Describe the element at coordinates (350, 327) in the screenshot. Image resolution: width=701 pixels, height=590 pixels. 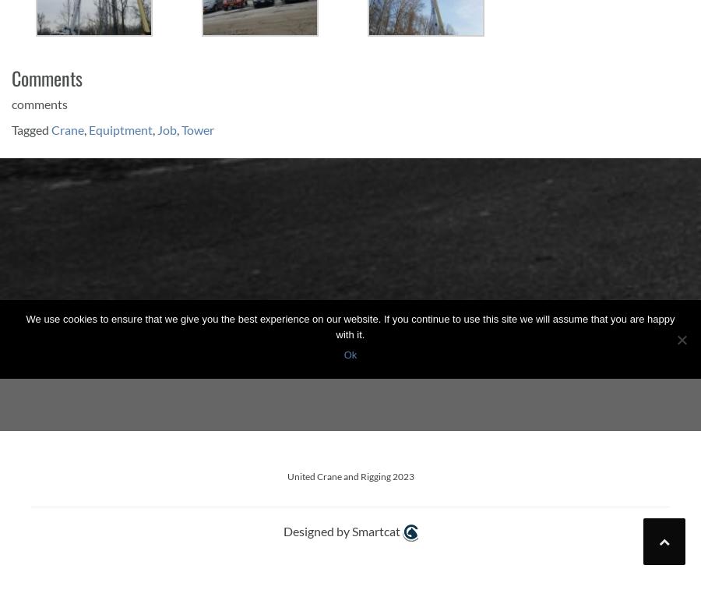
I see `'We use cookies to ensure that we give you the best experience on our website. If you continue to use this site we will assume that you are happy with it.'` at that location.